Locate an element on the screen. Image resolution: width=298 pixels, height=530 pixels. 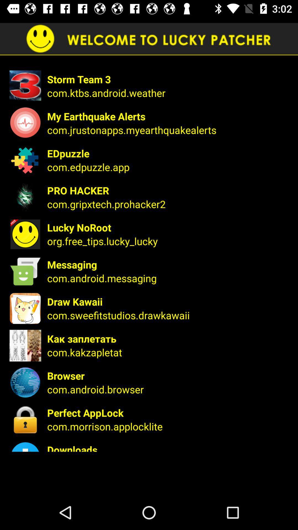
the perfect applock app is located at coordinates (169, 413).